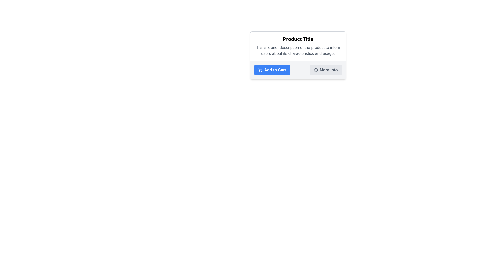 The image size is (481, 271). I want to click on the button providing additional details about the product located to the right of the 'Add to Cart' button in the 'Product Title' section, so click(326, 70).